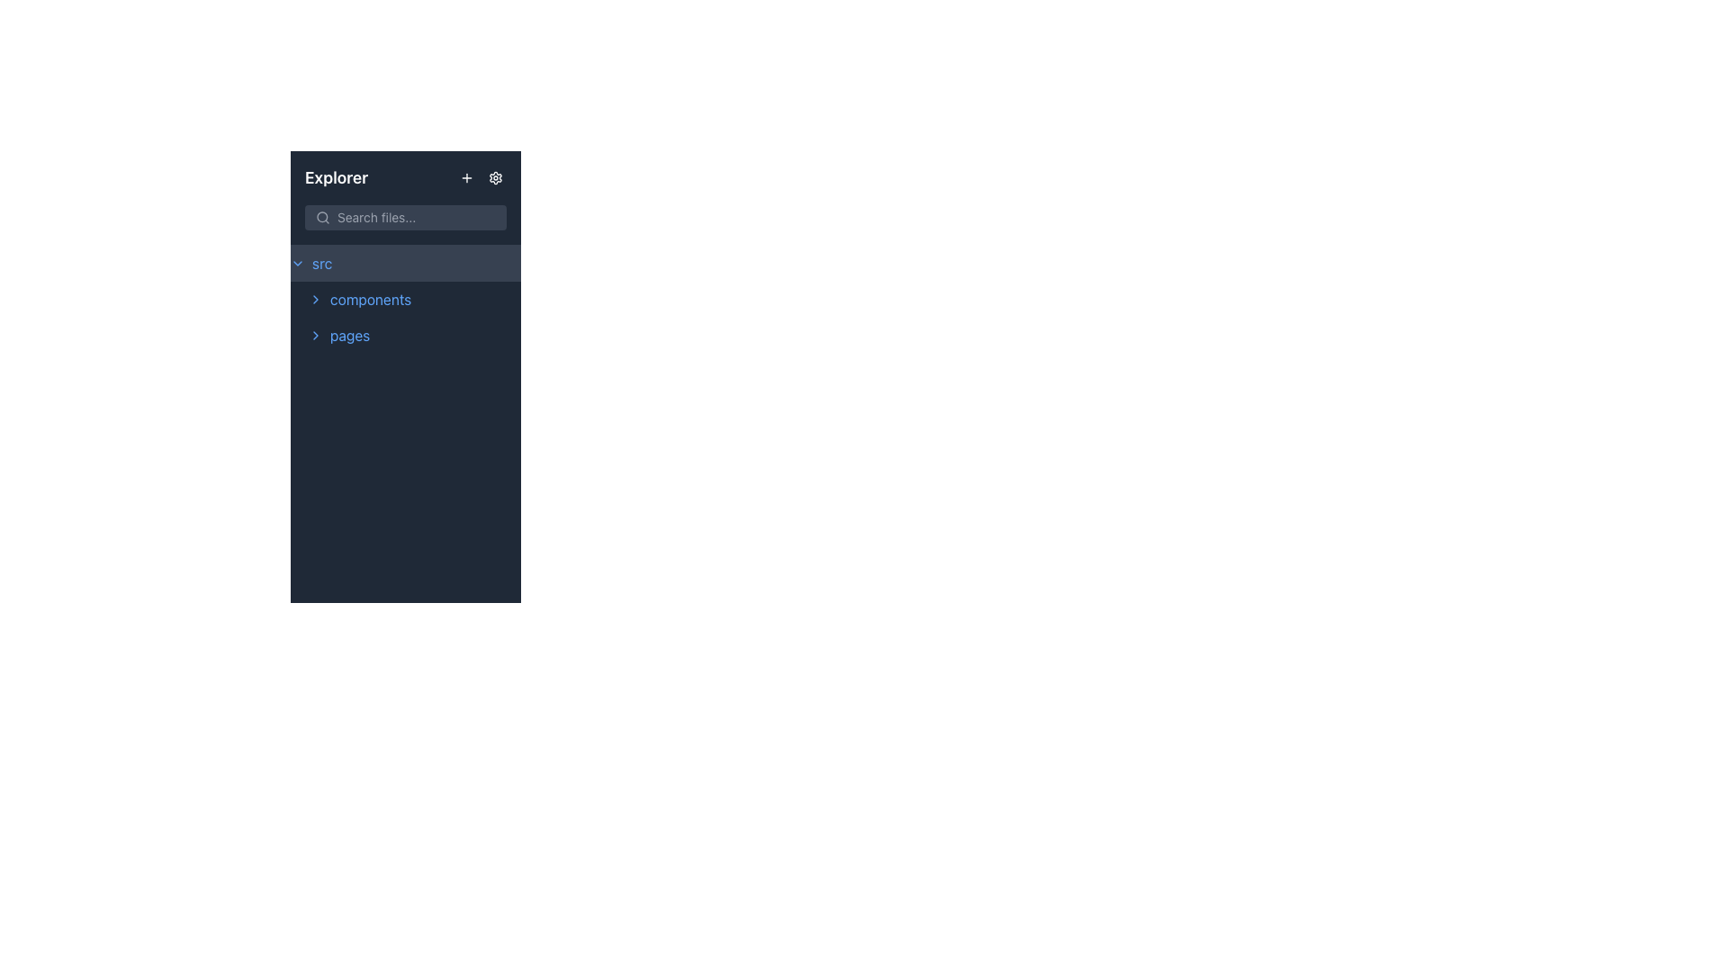 The height and width of the screenshot is (972, 1728). Describe the element at coordinates (496, 177) in the screenshot. I see `the settings icon button located at the top-right corner of the interface panel` at that location.